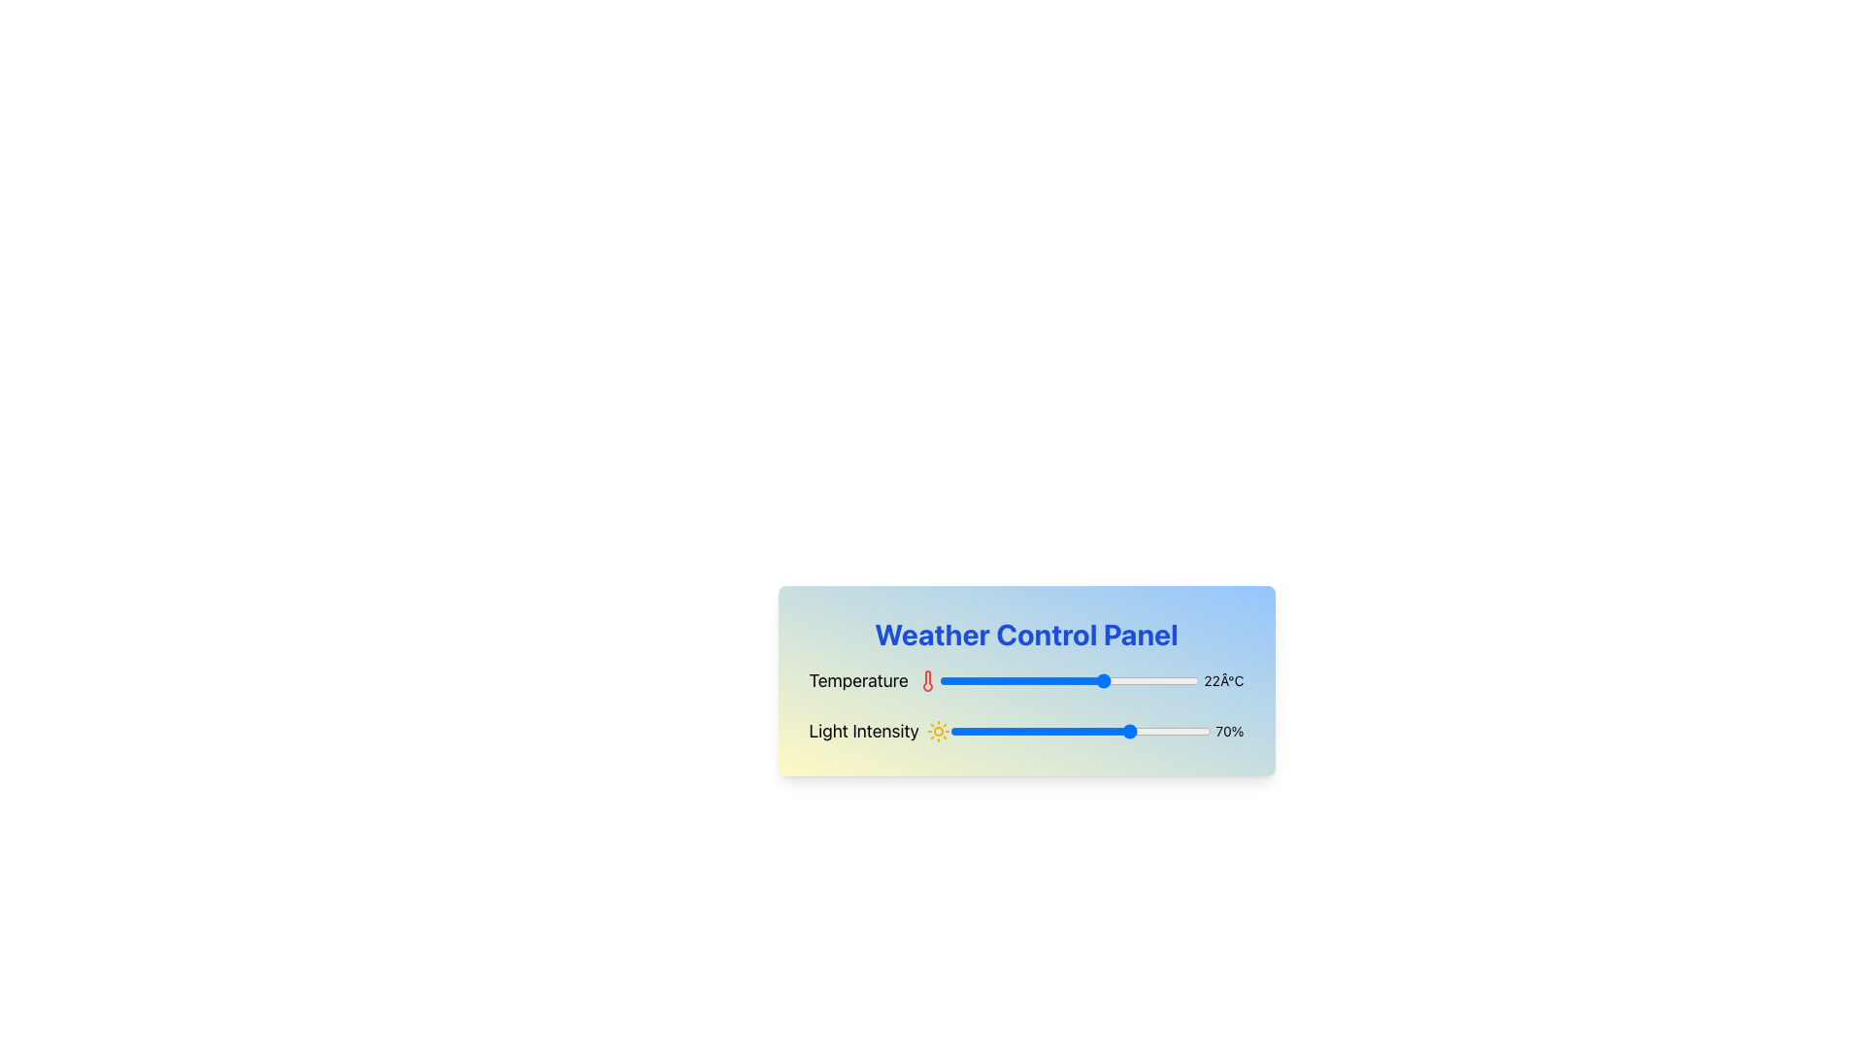  What do you see at coordinates (1027, 731) in the screenshot?
I see `light intensity` at bounding box center [1027, 731].